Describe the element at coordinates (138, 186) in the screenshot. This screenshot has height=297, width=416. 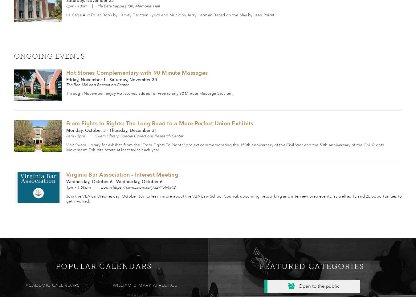
I see `'Zoom  https://cwm.zoom.us/j/3274694342'` at that location.